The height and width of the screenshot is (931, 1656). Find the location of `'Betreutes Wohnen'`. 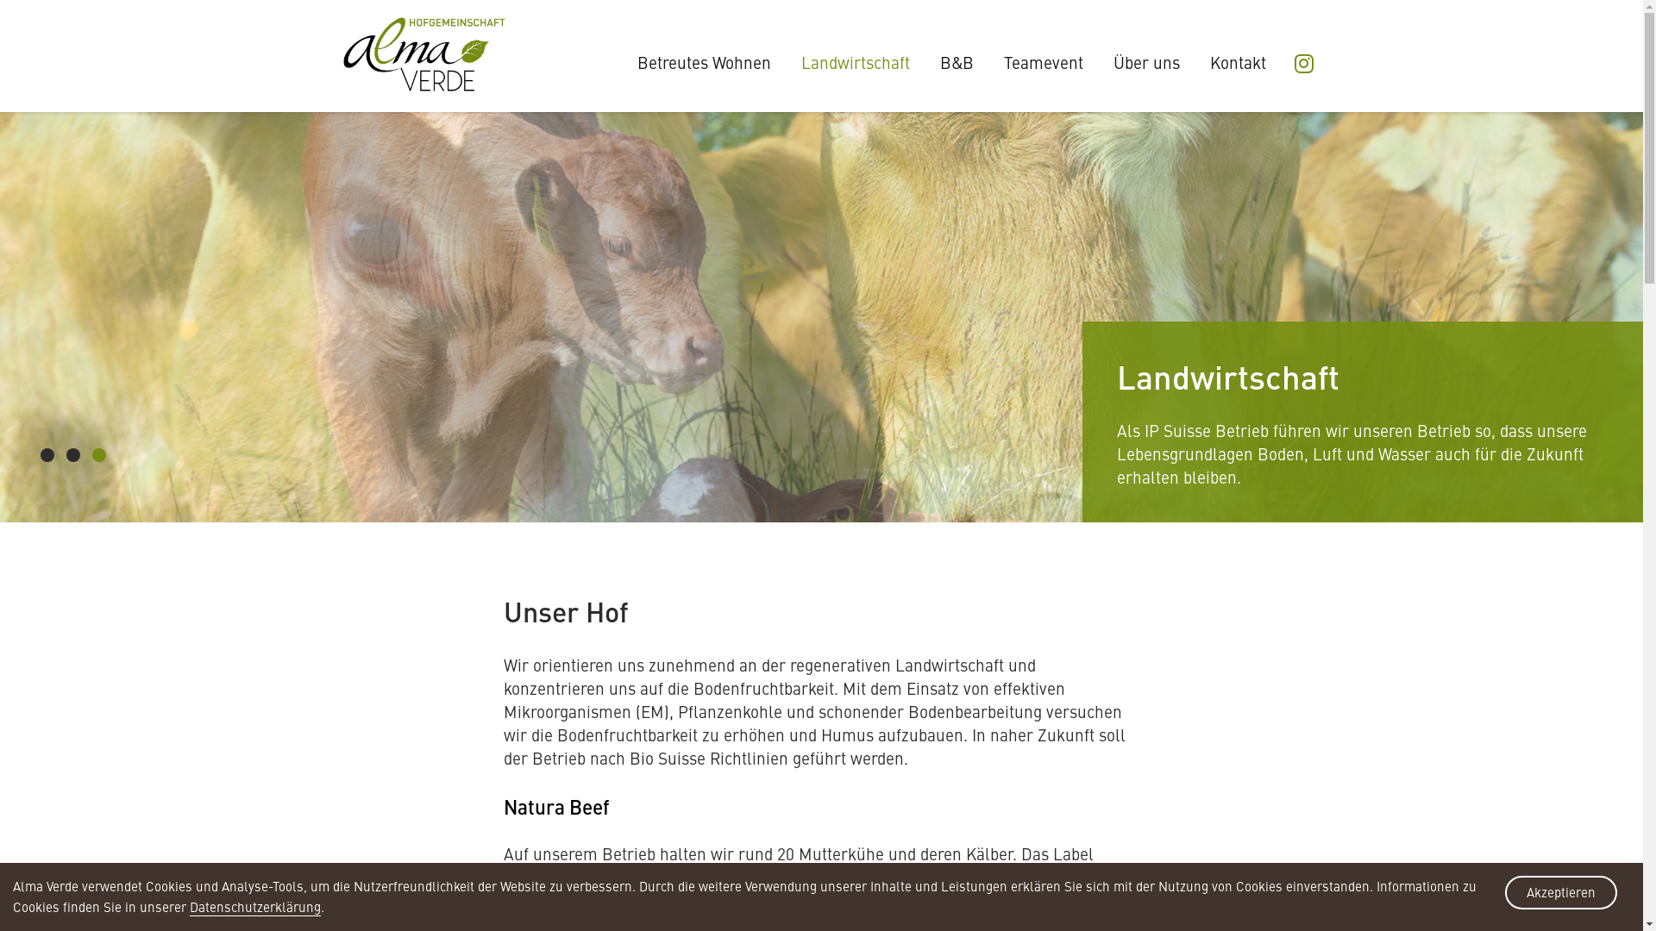

'Betreutes Wohnen' is located at coordinates (703, 61).